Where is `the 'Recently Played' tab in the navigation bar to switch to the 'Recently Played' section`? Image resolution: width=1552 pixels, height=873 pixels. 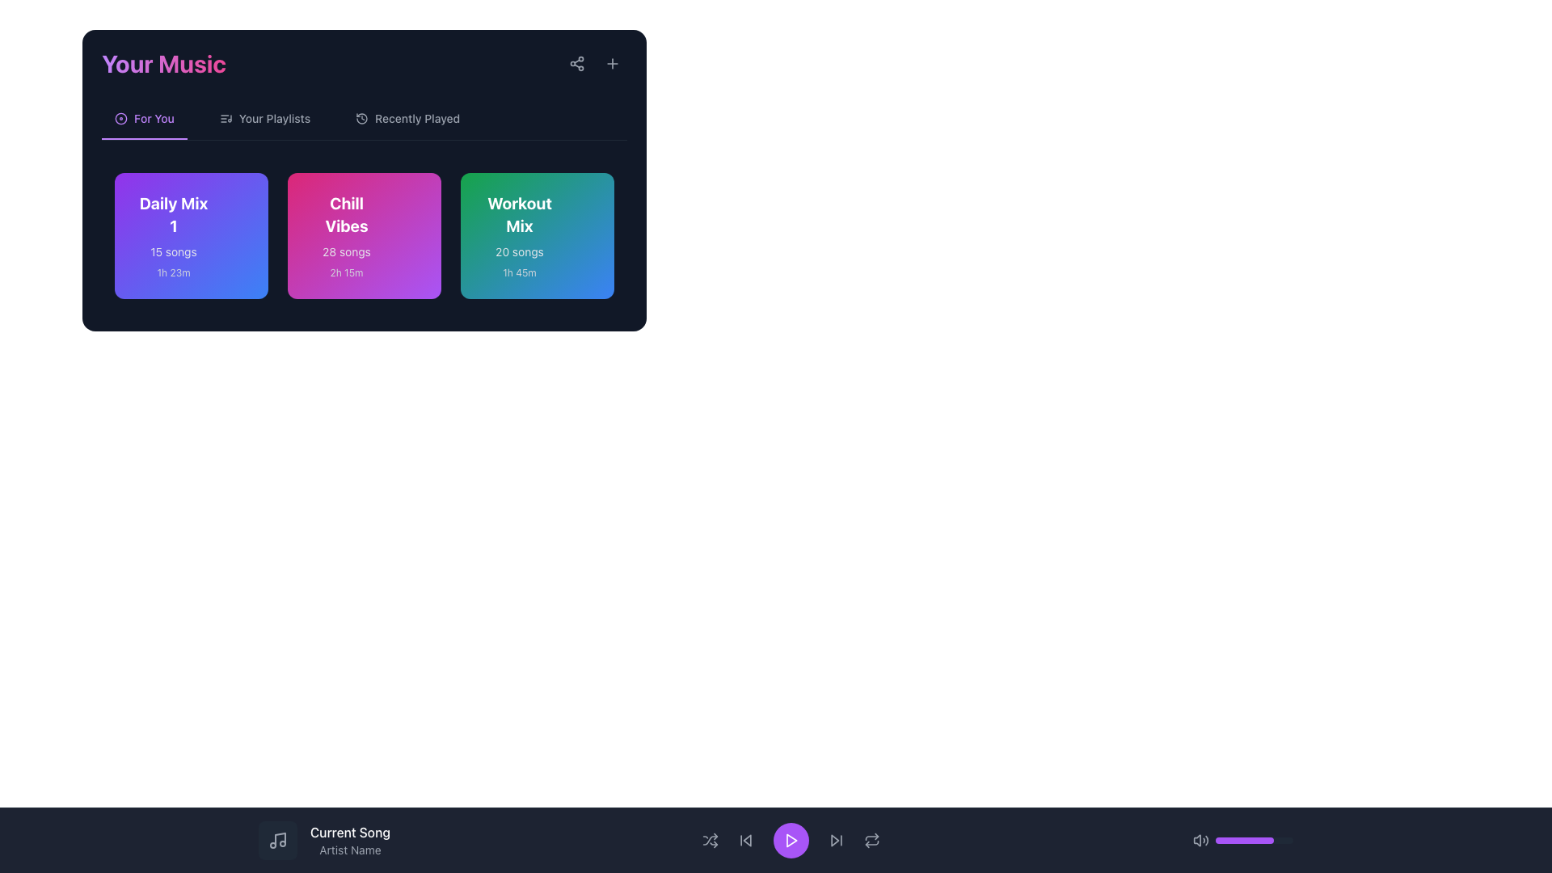
the 'Recently Played' tab in the navigation bar to switch to the 'Recently Played' section is located at coordinates (407, 124).